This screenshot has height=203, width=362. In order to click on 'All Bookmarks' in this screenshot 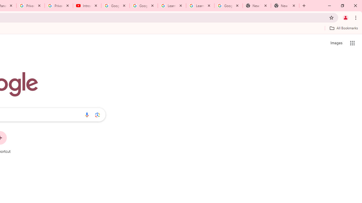, I will do `click(343, 28)`.